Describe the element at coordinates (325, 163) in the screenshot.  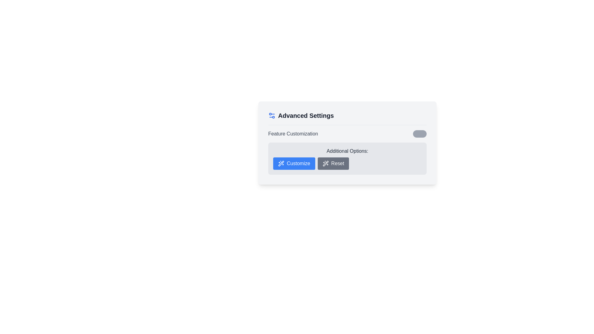
I see `the decorative icon for the 'Reset' button` at that location.